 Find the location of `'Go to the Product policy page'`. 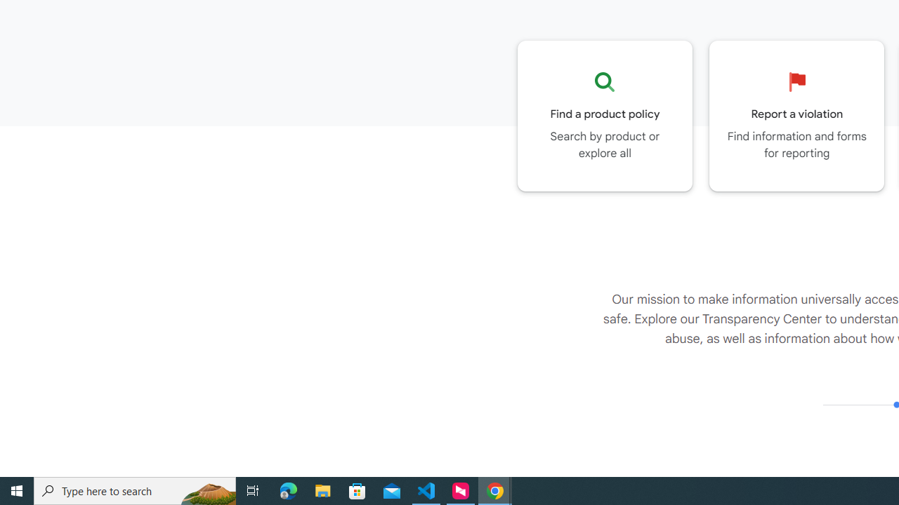

'Go to the Product policy page' is located at coordinates (605, 115).